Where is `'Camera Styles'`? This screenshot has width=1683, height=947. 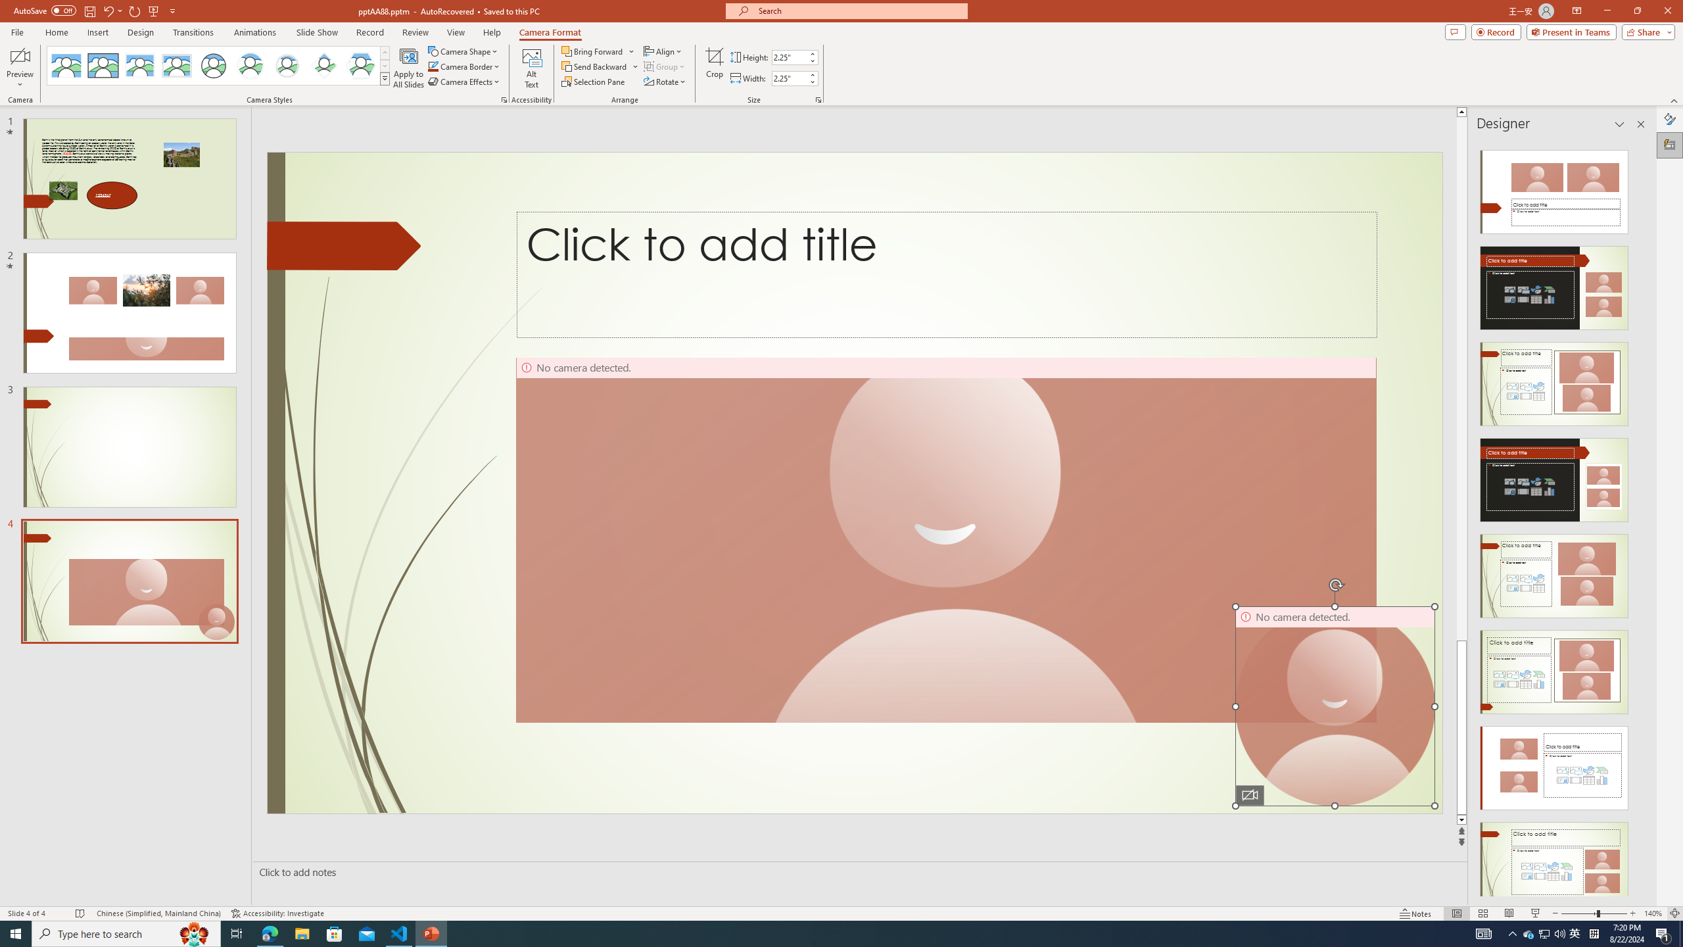
'Camera Styles' is located at coordinates (385, 78).